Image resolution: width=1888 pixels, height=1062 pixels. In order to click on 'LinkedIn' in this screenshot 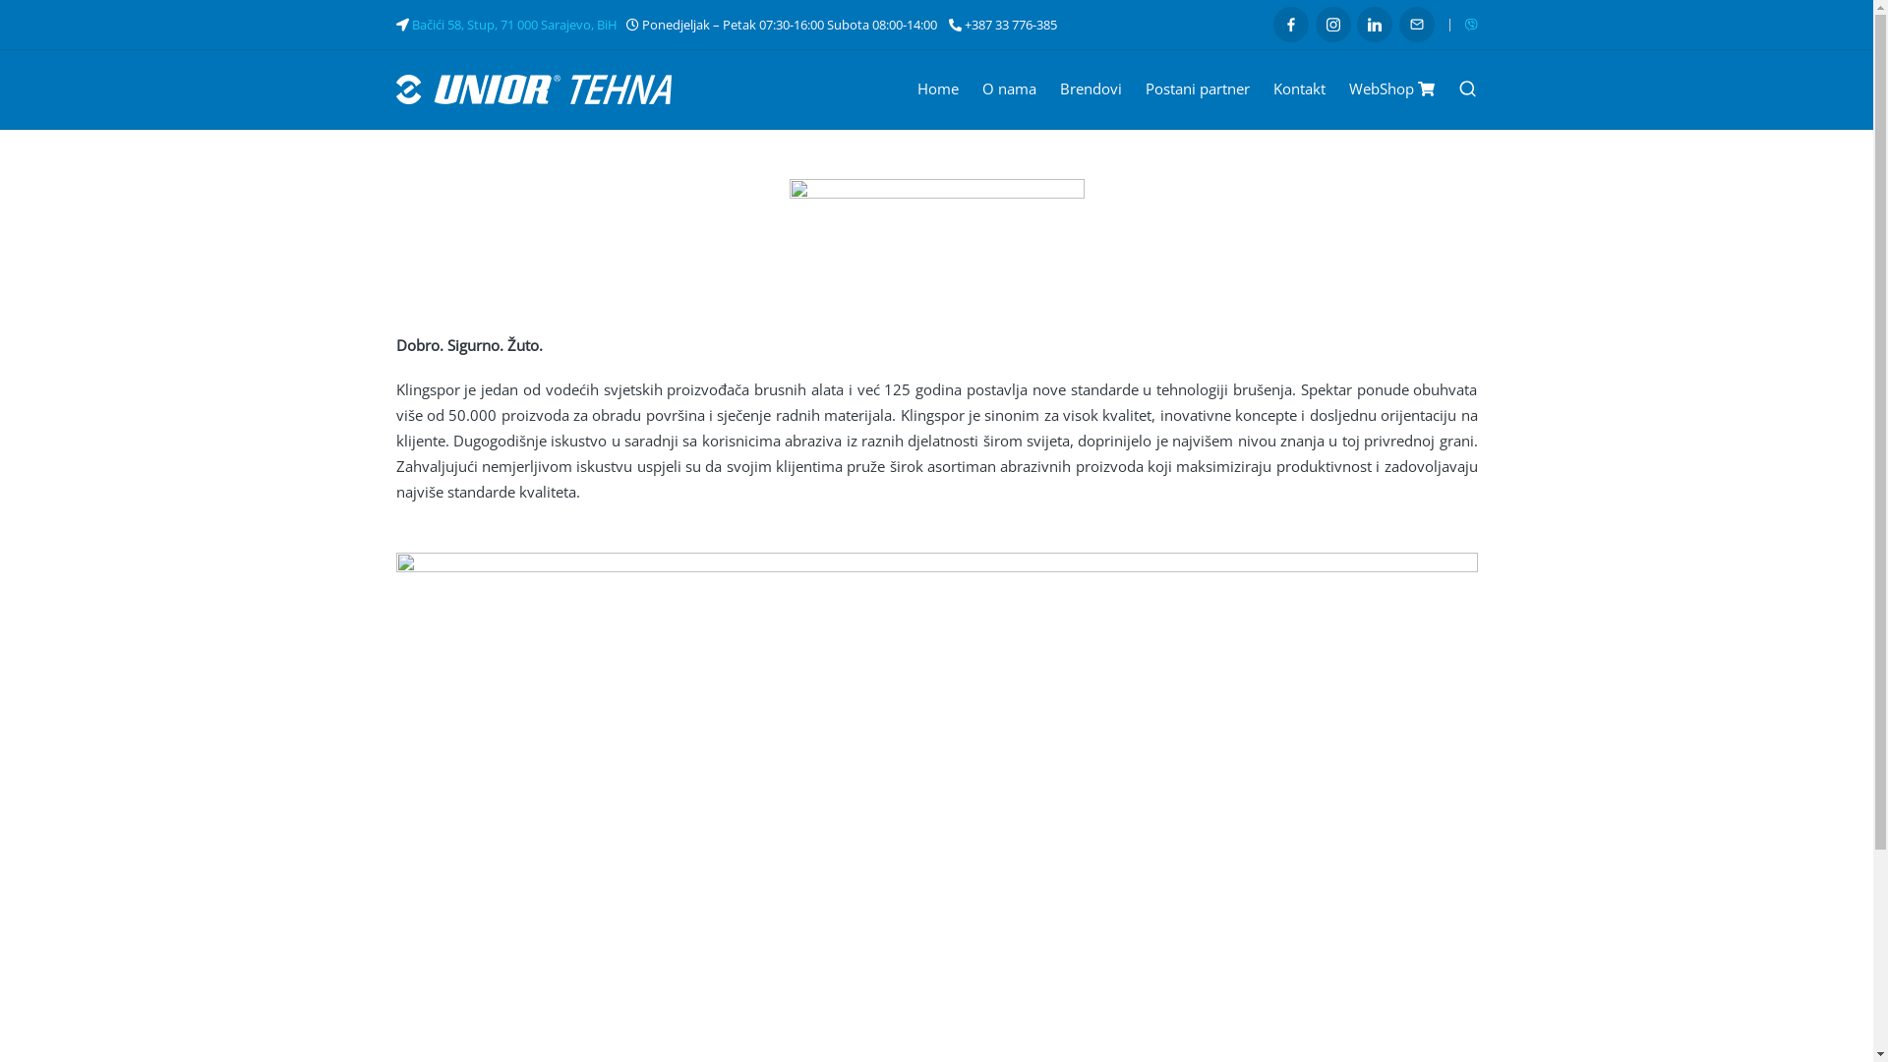, I will do `click(1373, 24)`.